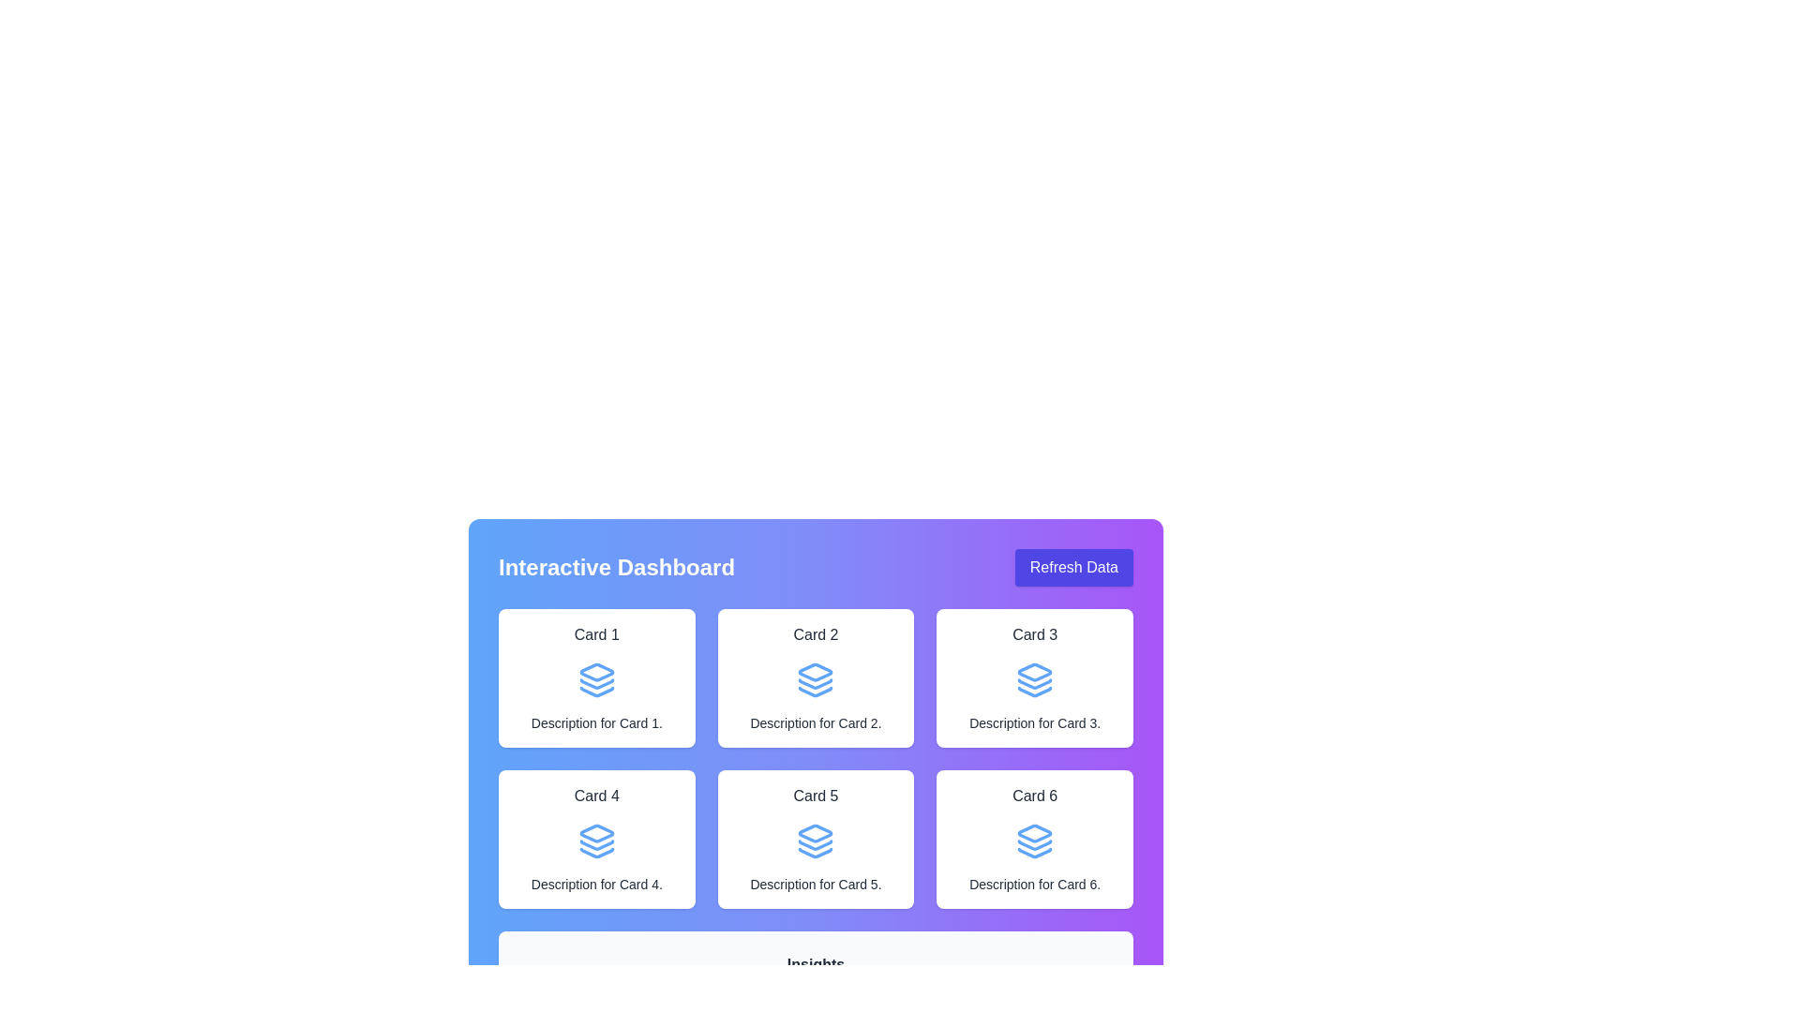  What do you see at coordinates (1034, 853) in the screenshot?
I see `the decorative vector graphic located at the bottom layer of the stack icon within the sixth card of a 2x3 grid layout` at bounding box center [1034, 853].